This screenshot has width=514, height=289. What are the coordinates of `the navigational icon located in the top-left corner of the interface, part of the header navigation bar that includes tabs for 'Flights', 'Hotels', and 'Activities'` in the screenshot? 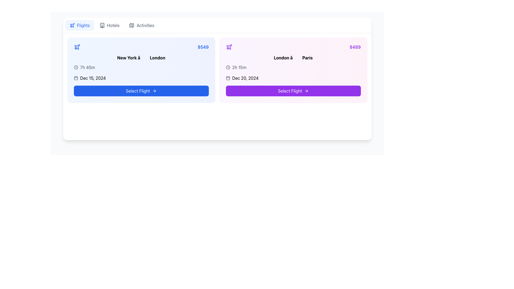 It's located at (132, 25).